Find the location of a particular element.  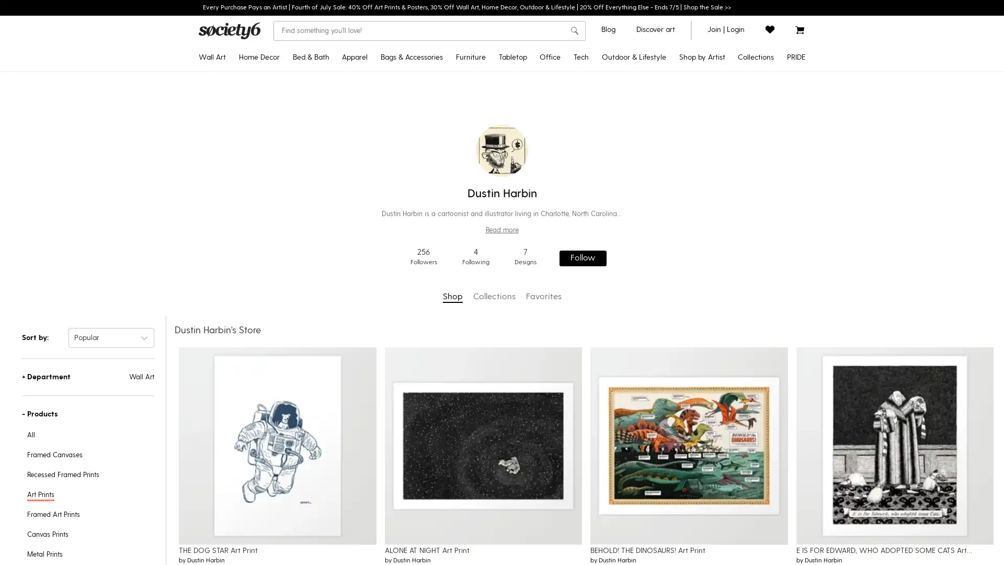

Framed Canvas Prints is located at coordinates (246, 151).